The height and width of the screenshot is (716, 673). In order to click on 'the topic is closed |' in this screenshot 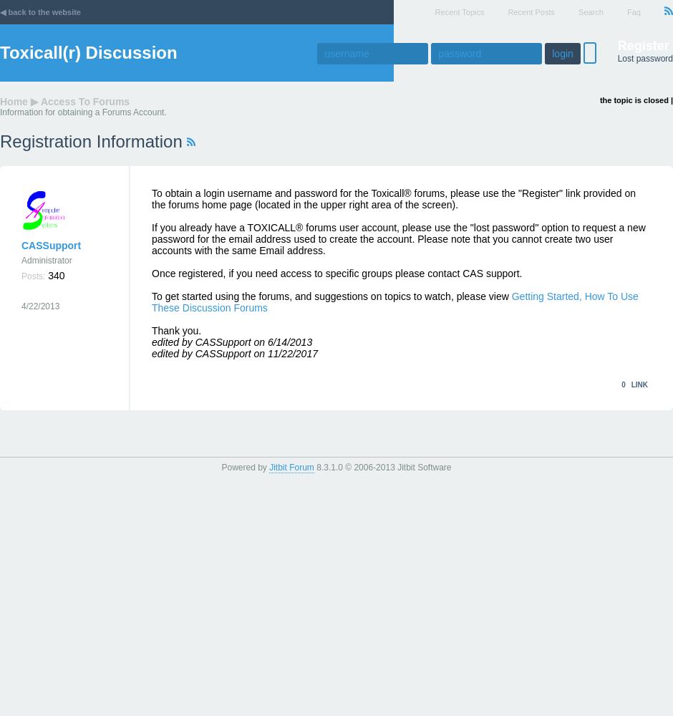, I will do `click(636, 100)`.